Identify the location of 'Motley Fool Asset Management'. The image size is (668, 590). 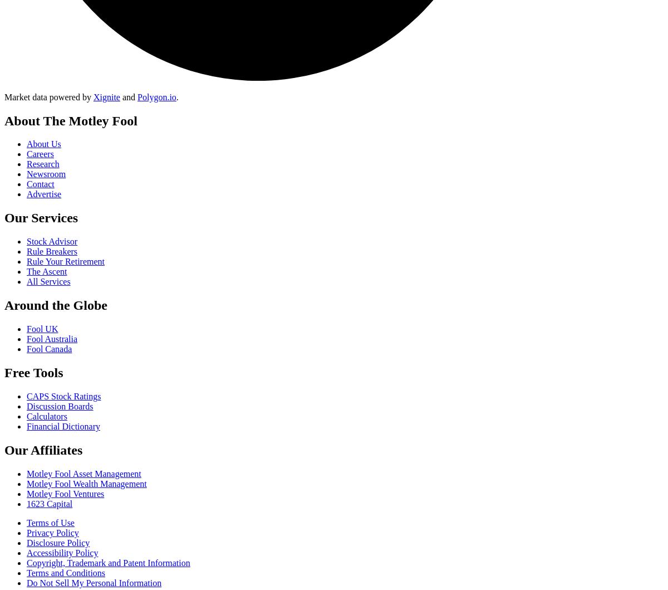
(83, 473).